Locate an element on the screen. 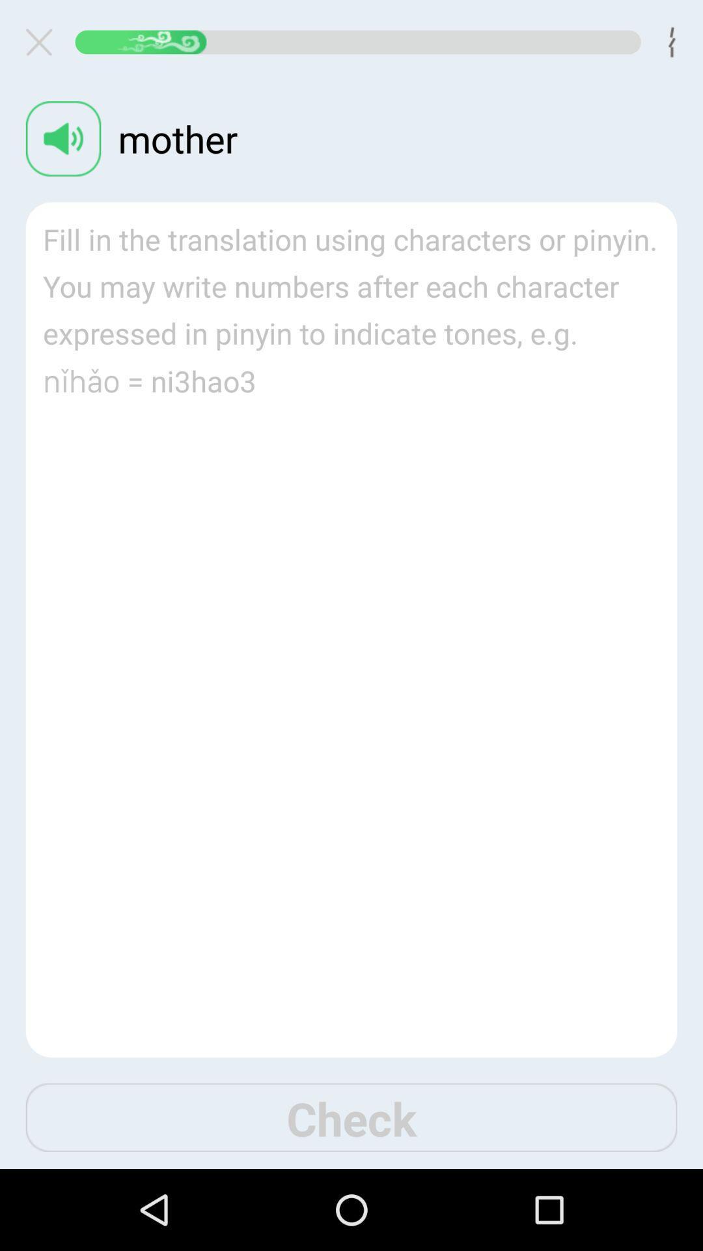 The image size is (703, 1251). volume button is located at coordinates (63, 138).